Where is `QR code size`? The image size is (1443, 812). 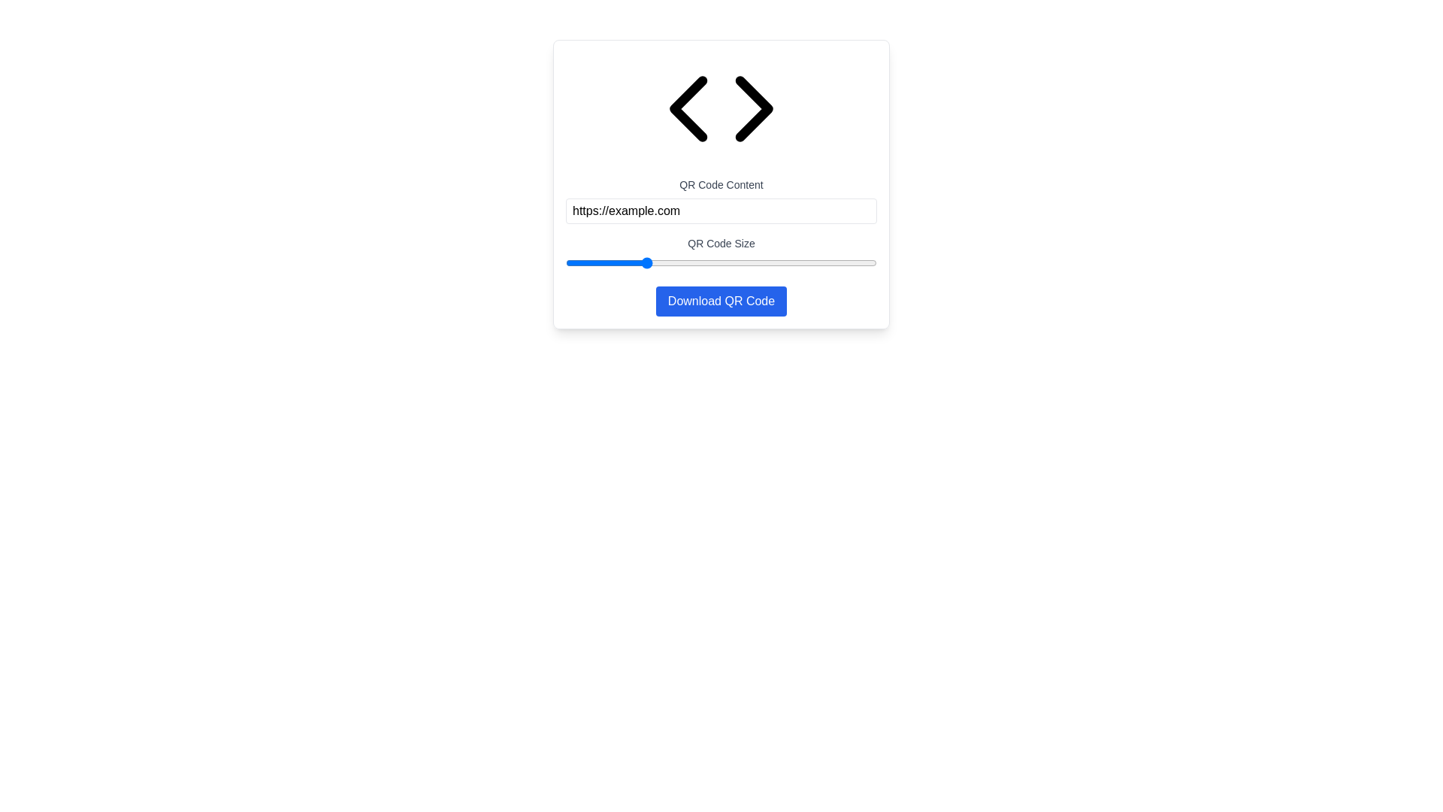 QR code size is located at coordinates (695, 262).